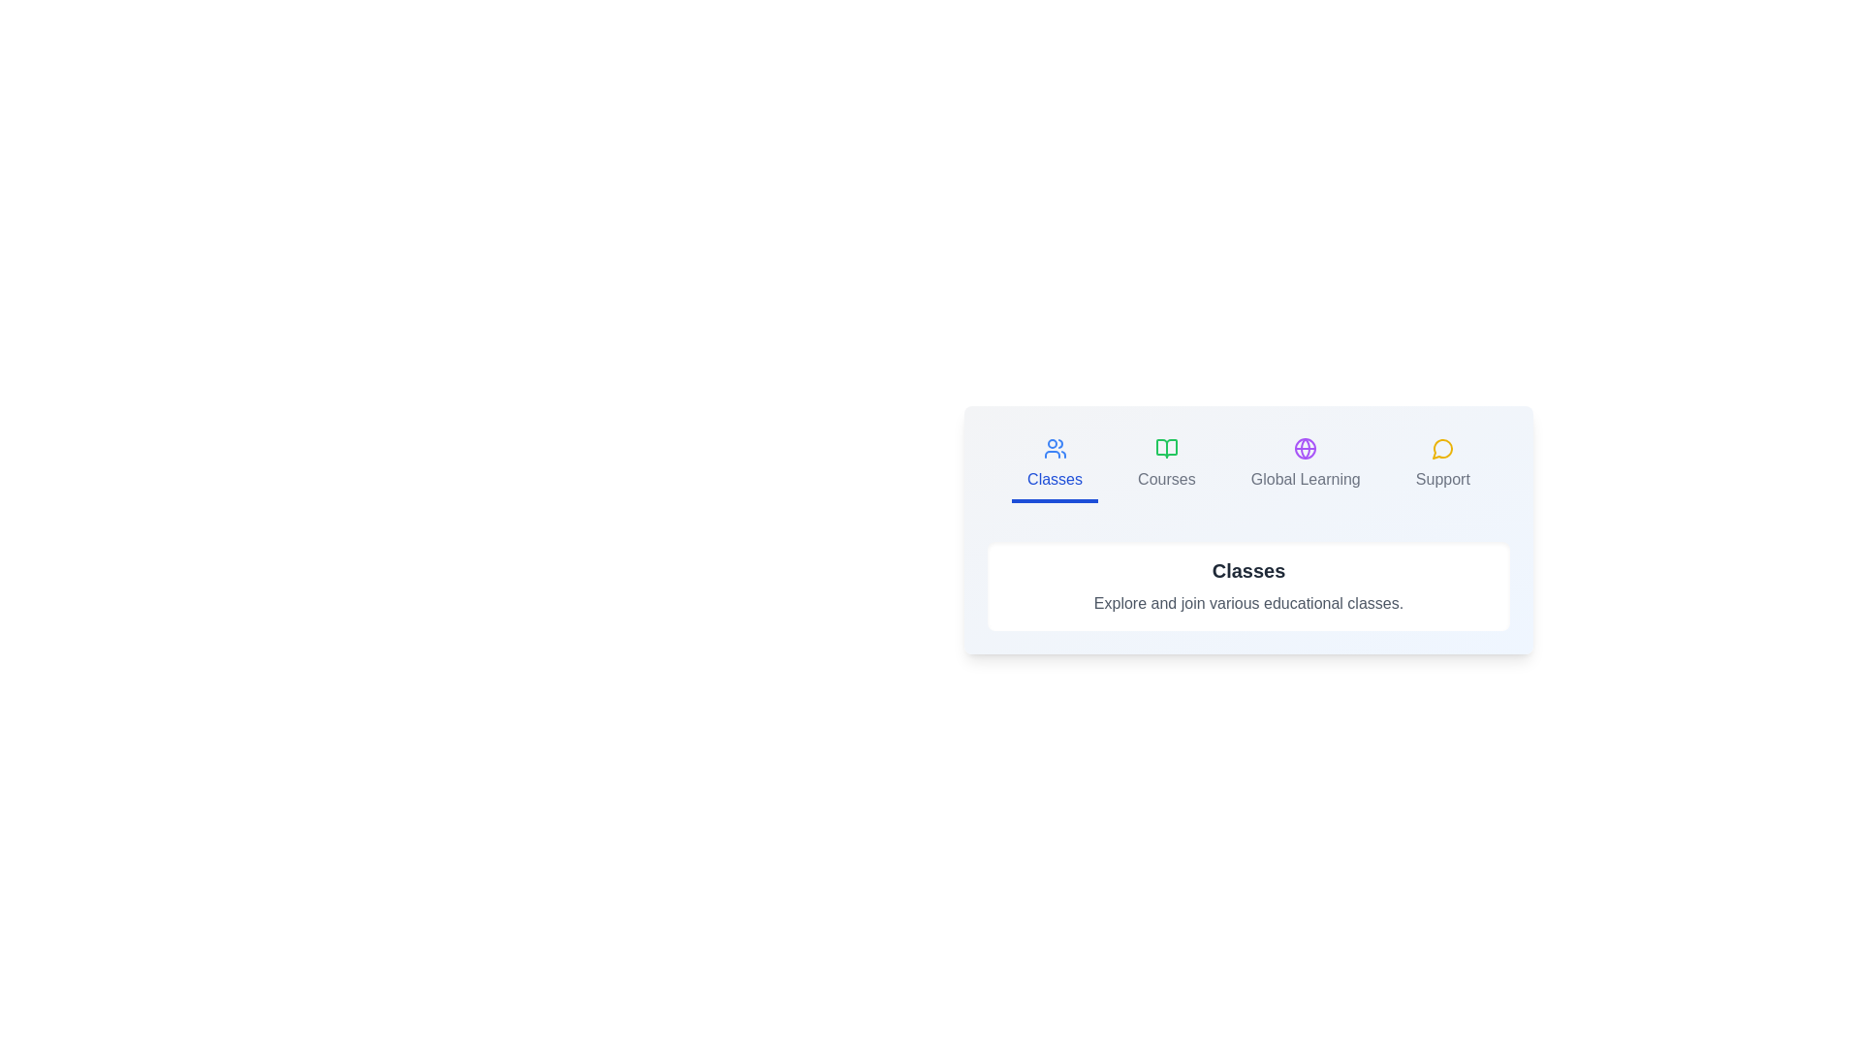 This screenshot has width=1861, height=1047. What do you see at coordinates (1306, 466) in the screenshot?
I see `the Global Learning tab by clicking on it` at bounding box center [1306, 466].